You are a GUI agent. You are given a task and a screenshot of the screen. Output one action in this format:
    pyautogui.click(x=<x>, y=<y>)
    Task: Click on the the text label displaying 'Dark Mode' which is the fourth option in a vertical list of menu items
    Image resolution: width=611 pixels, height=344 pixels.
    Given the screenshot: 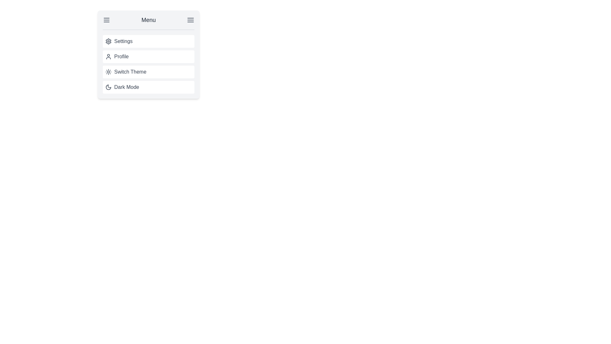 What is the action you would take?
    pyautogui.click(x=127, y=87)
    